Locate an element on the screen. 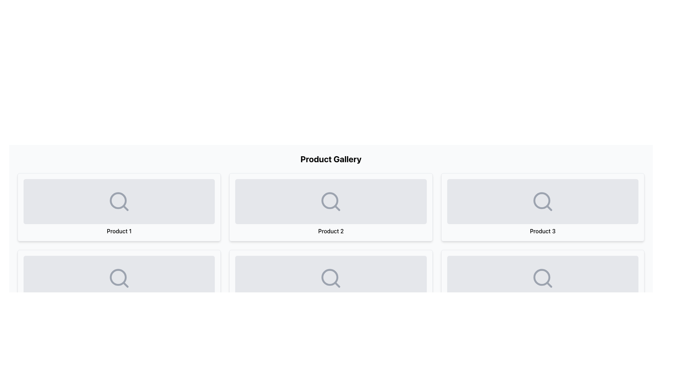  the stem of the magnifying glass icon representing the search functionality, located within the button for 'Product 2' is located at coordinates (337, 284).